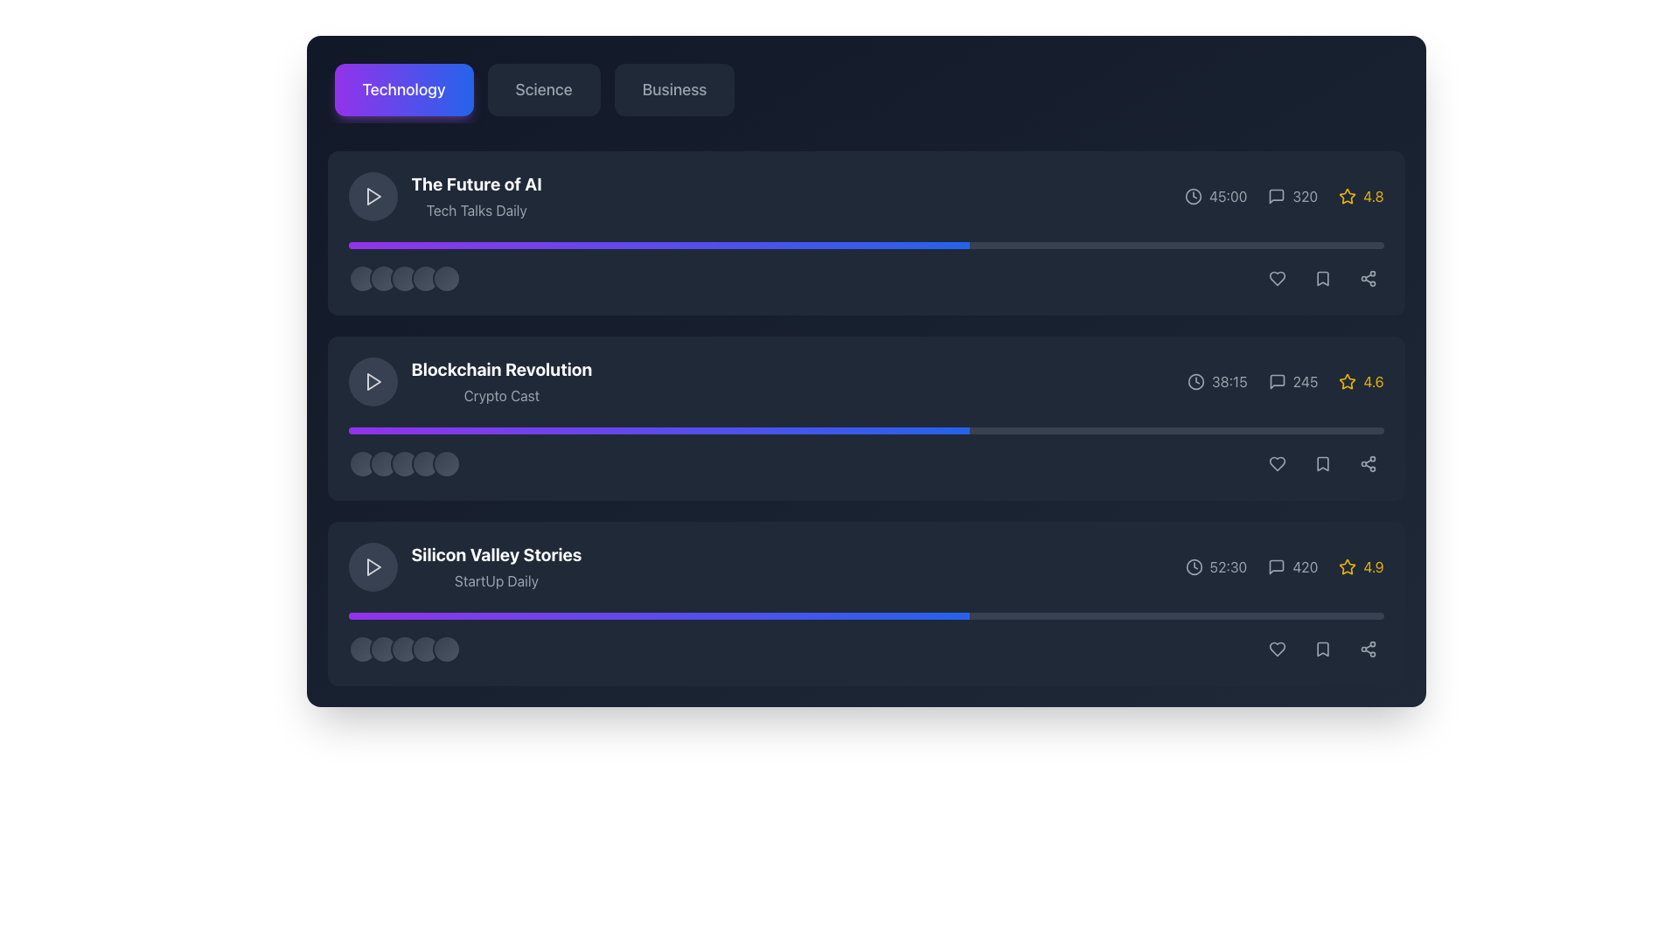 This screenshot has height=944, width=1679. Describe the element at coordinates (1227, 196) in the screenshot. I see `the text label displaying '45:00', which is light gray in color and located between a clock icon and the number '320'` at that location.